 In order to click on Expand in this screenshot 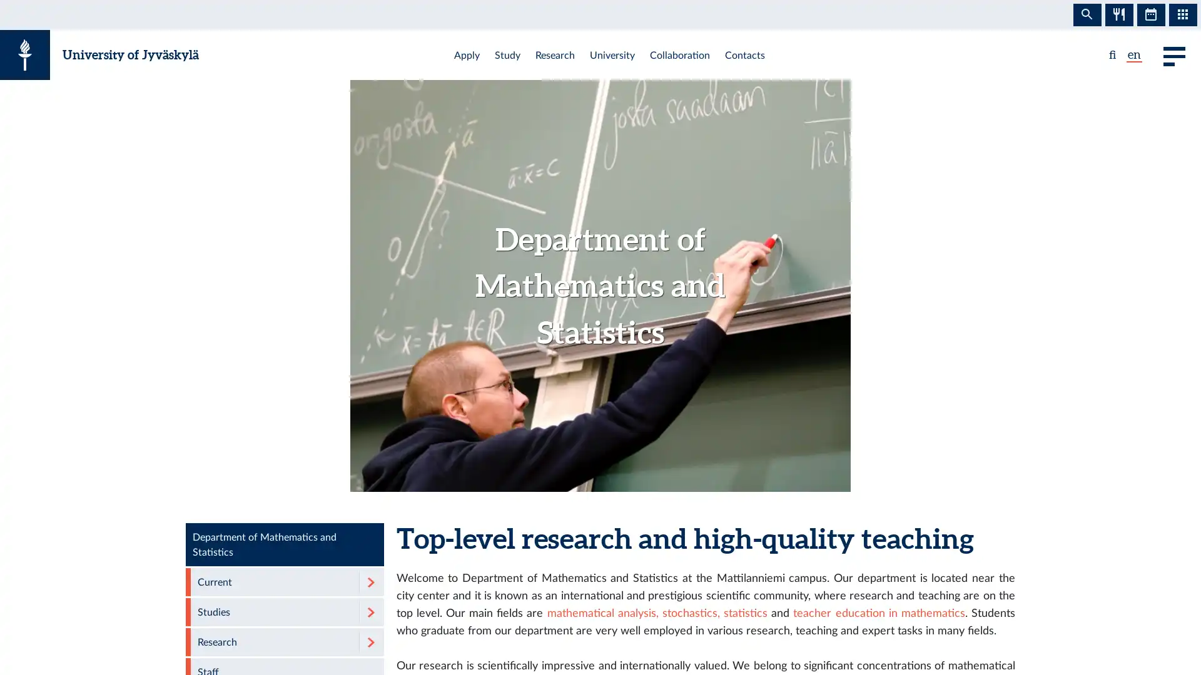, I will do `click(370, 641)`.